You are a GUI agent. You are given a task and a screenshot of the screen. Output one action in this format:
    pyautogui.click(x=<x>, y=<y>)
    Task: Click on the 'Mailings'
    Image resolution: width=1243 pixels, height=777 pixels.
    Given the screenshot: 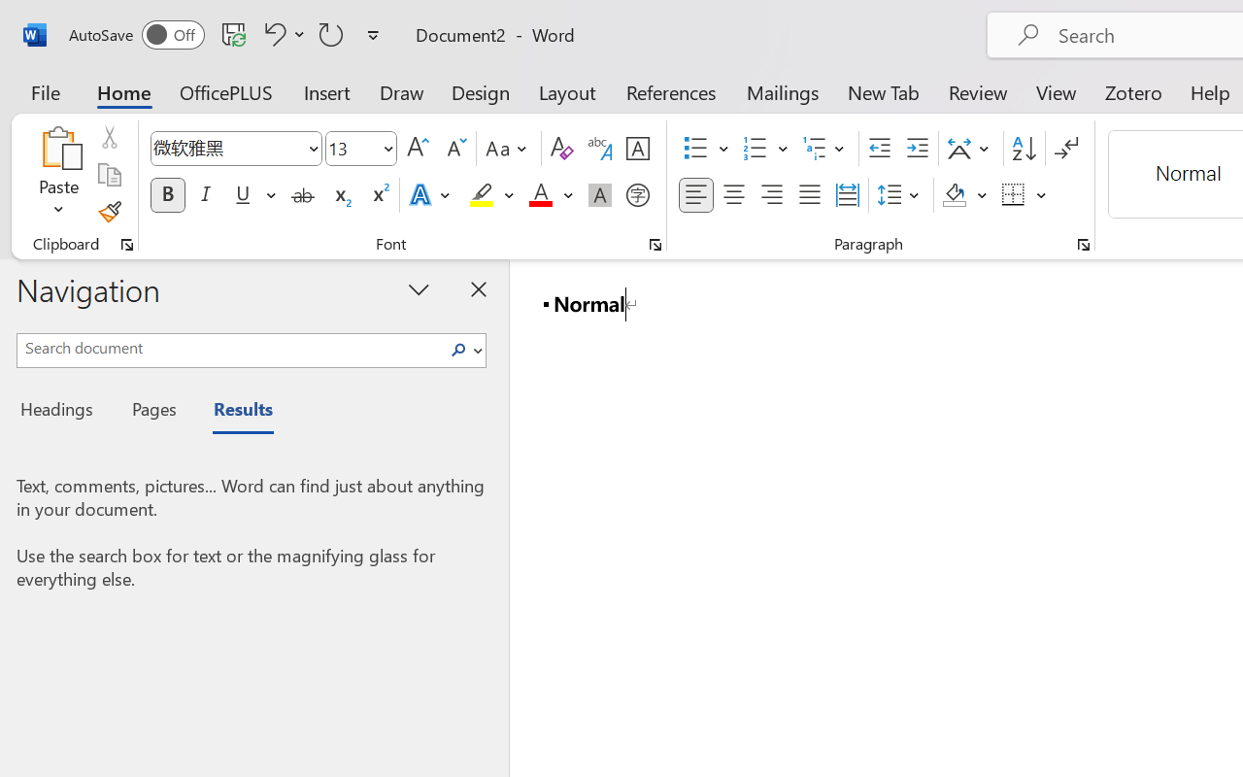 What is the action you would take?
    pyautogui.click(x=783, y=91)
    